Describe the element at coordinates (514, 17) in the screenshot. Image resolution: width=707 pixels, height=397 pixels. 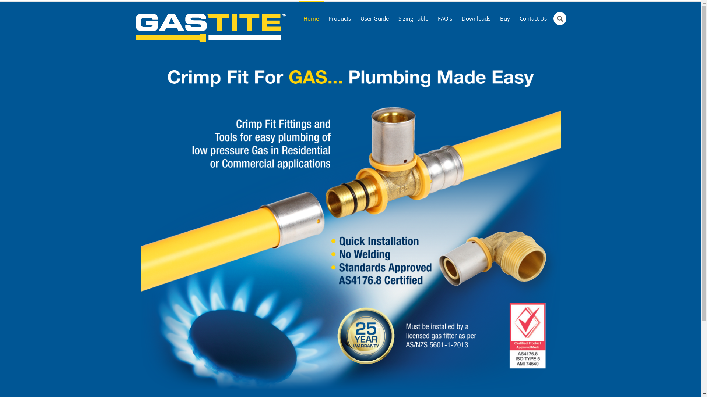
I see `'Contact Us'` at that location.